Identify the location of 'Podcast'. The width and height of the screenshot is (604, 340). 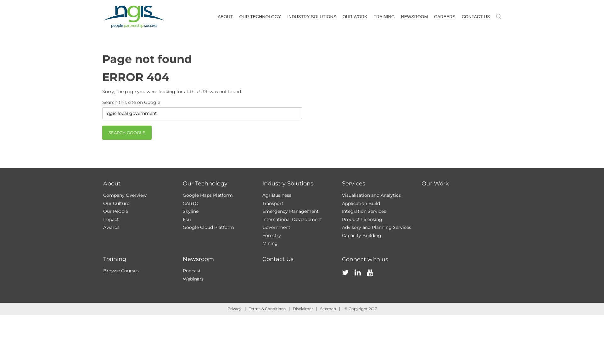
(191, 270).